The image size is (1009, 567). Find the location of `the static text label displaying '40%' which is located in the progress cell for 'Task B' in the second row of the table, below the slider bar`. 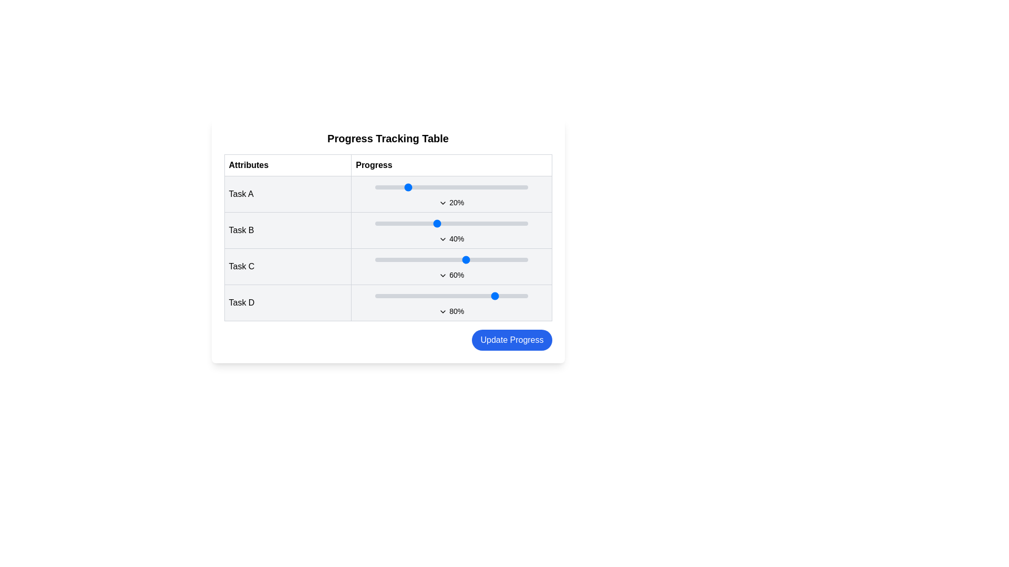

the static text label displaying '40%' which is located in the progress cell for 'Task B' in the second row of the table, below the slider bar is located at coordinates (451, 237).